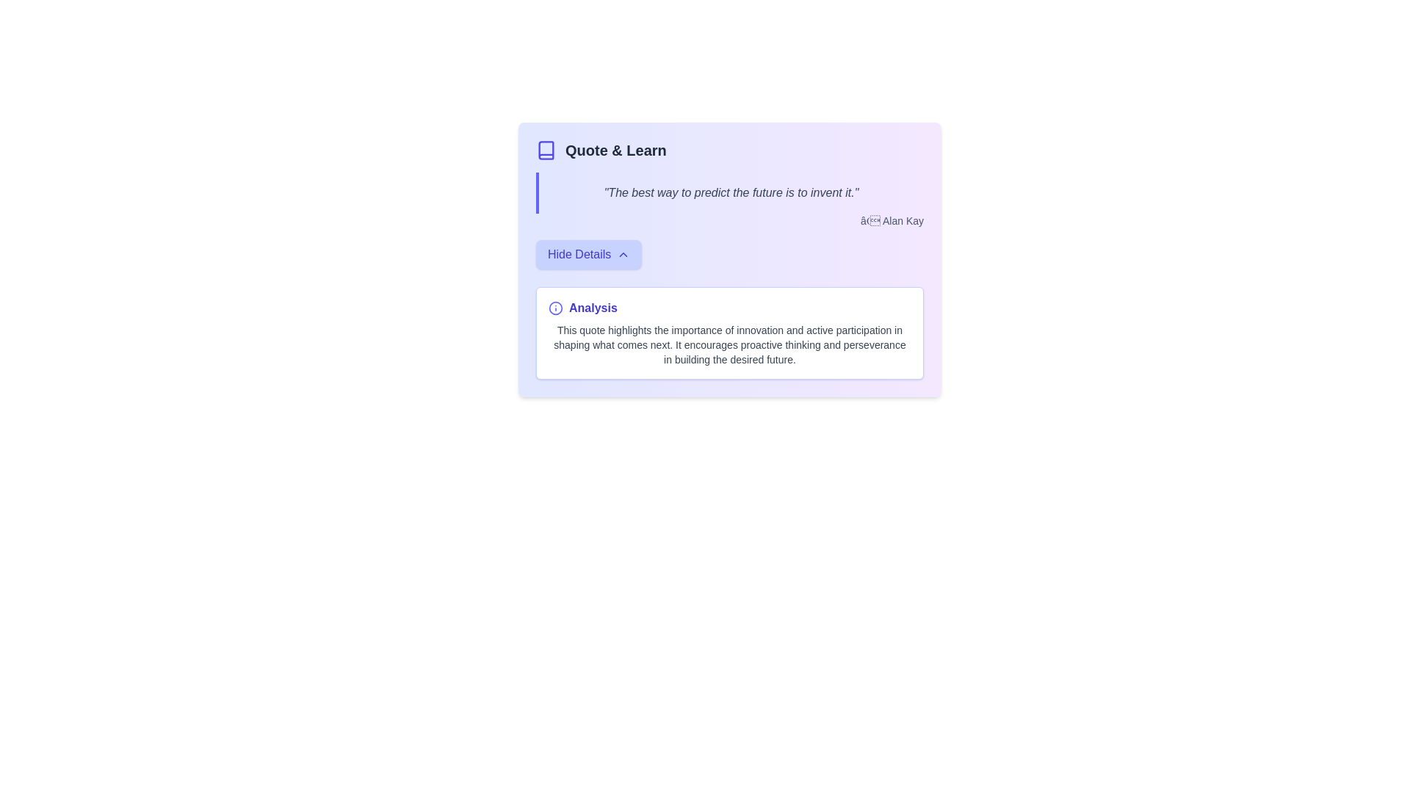  Describe the element at coordinates (546, 150) in the screenshot. I see `the SVG-based icon located to the left of the 'Quote & Learn' section header, which serves as a visual indicator for the section` at that location.